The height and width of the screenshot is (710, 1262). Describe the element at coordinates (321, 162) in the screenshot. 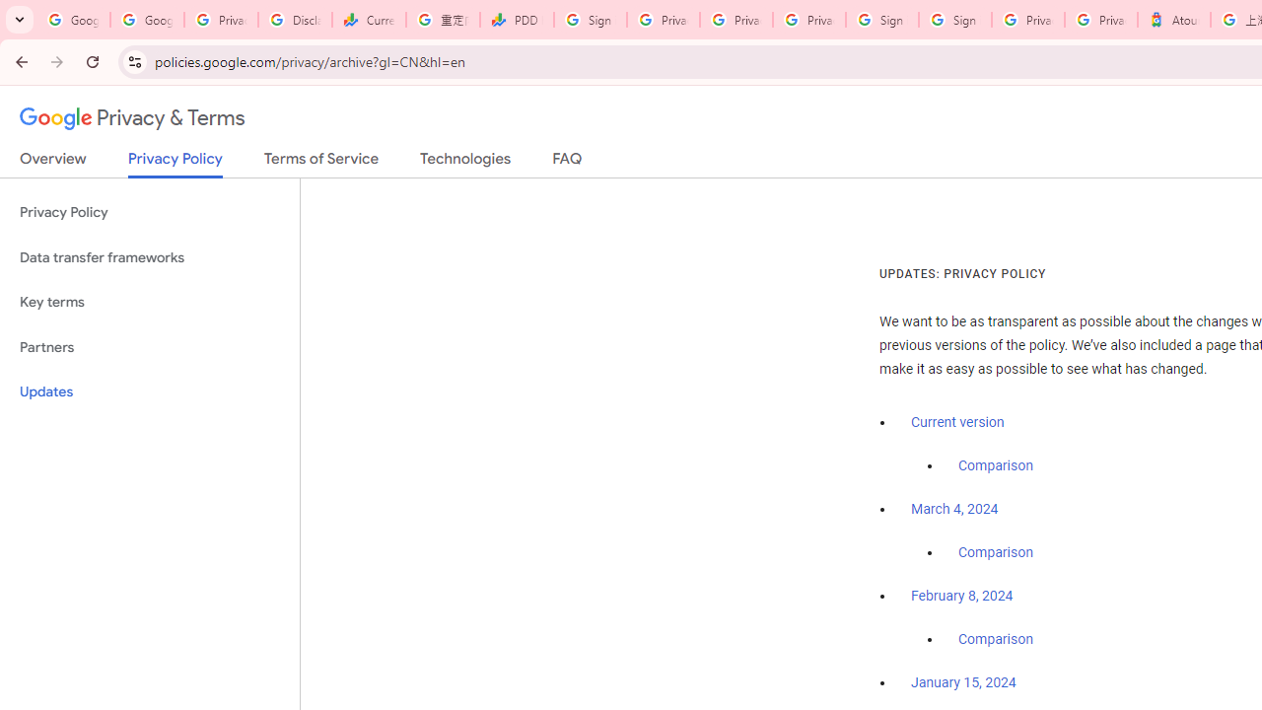

I see `'Terms of Service'` at that location.